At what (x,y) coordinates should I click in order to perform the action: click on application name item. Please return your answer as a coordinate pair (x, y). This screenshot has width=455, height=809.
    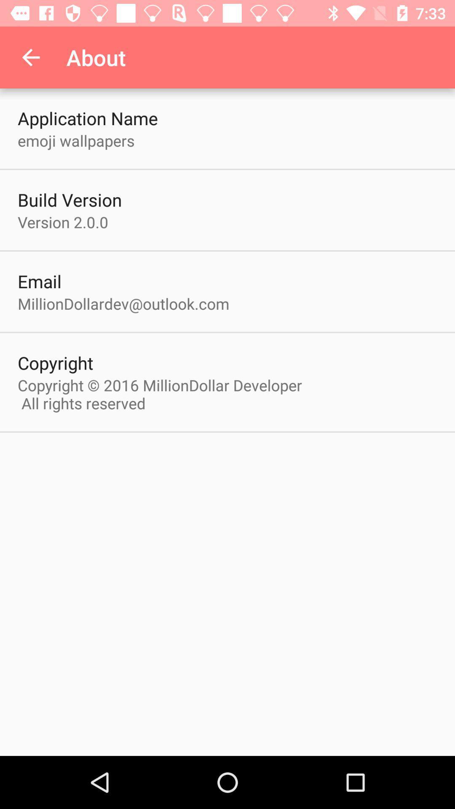
    Looking at the image, I should click on (88, 118).